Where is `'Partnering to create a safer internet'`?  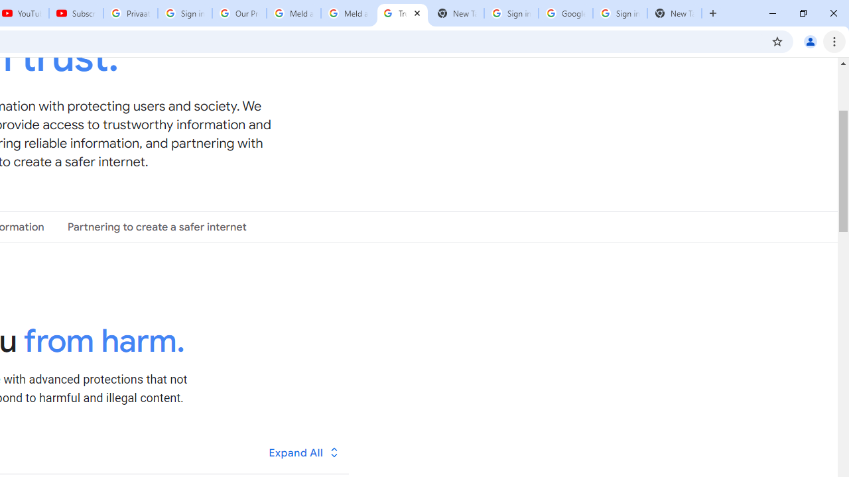
'Partnering to create a safer internet' is located at coordinates (157, 227).